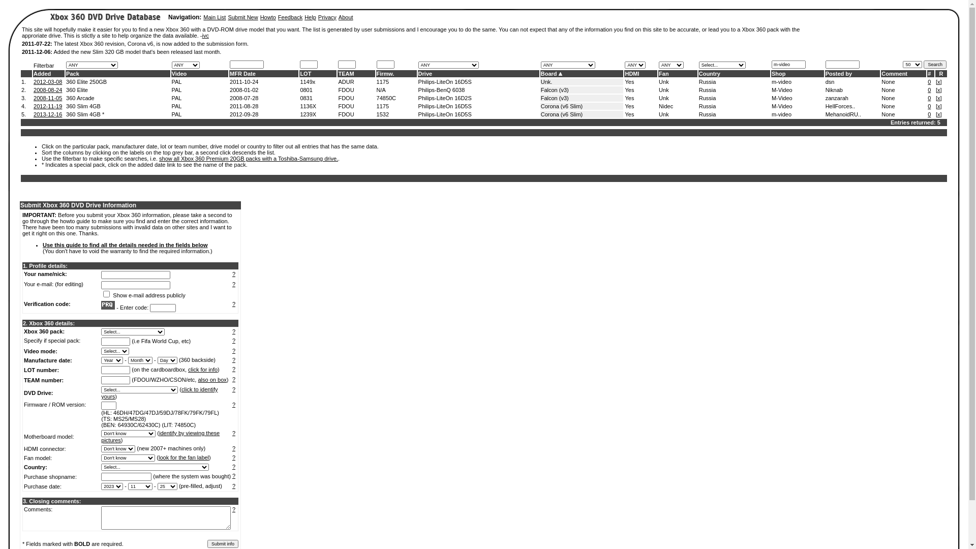 The image size is (976, 549). I want to click on '0', so click(929, 106).